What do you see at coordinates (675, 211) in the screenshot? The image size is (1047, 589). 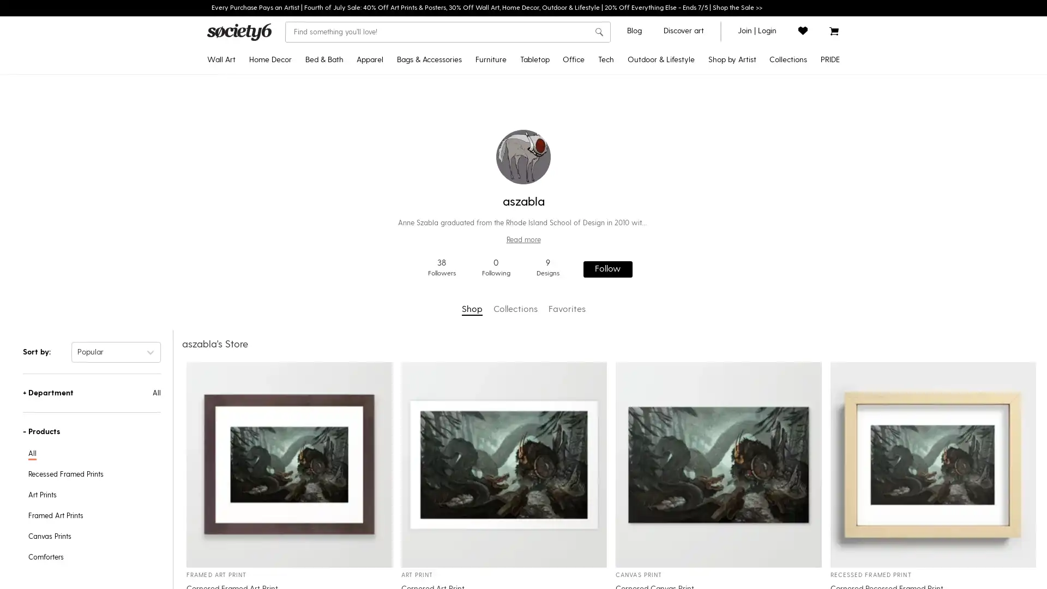 I see `Wine Chillers` at bounding box center [675, 211].